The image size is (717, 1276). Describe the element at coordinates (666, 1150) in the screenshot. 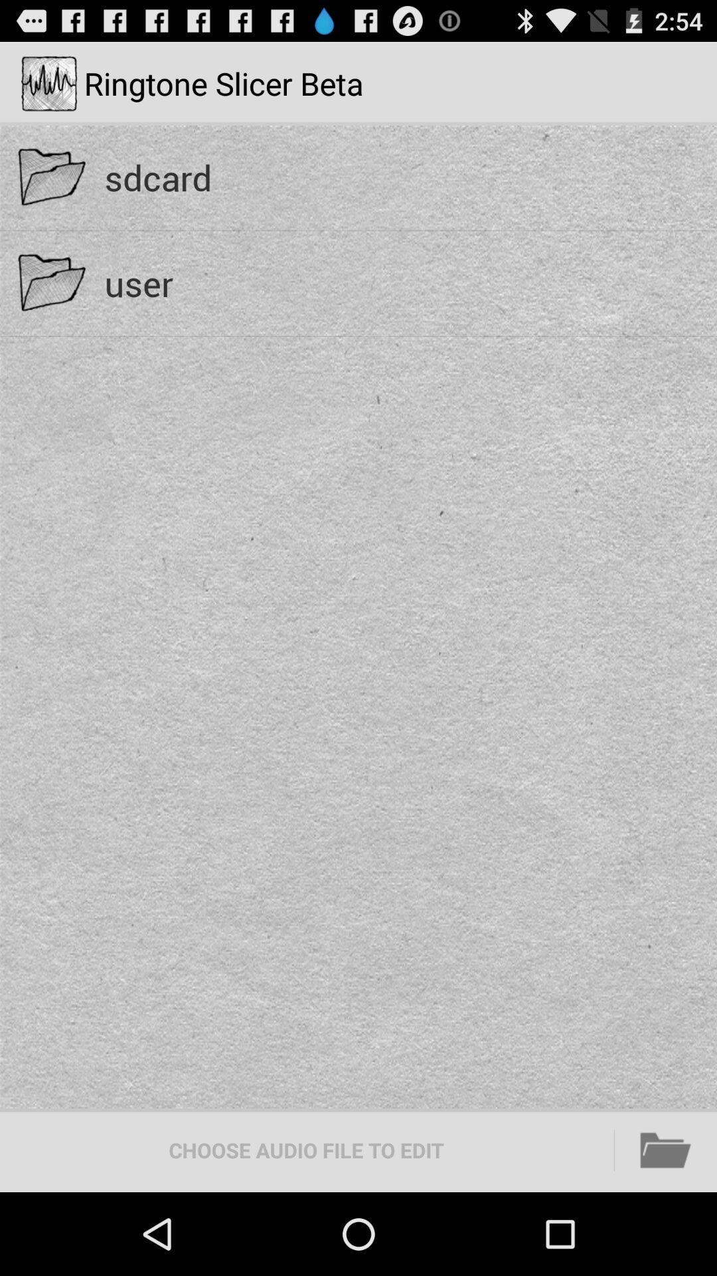

I see `item below the user item` at that location.